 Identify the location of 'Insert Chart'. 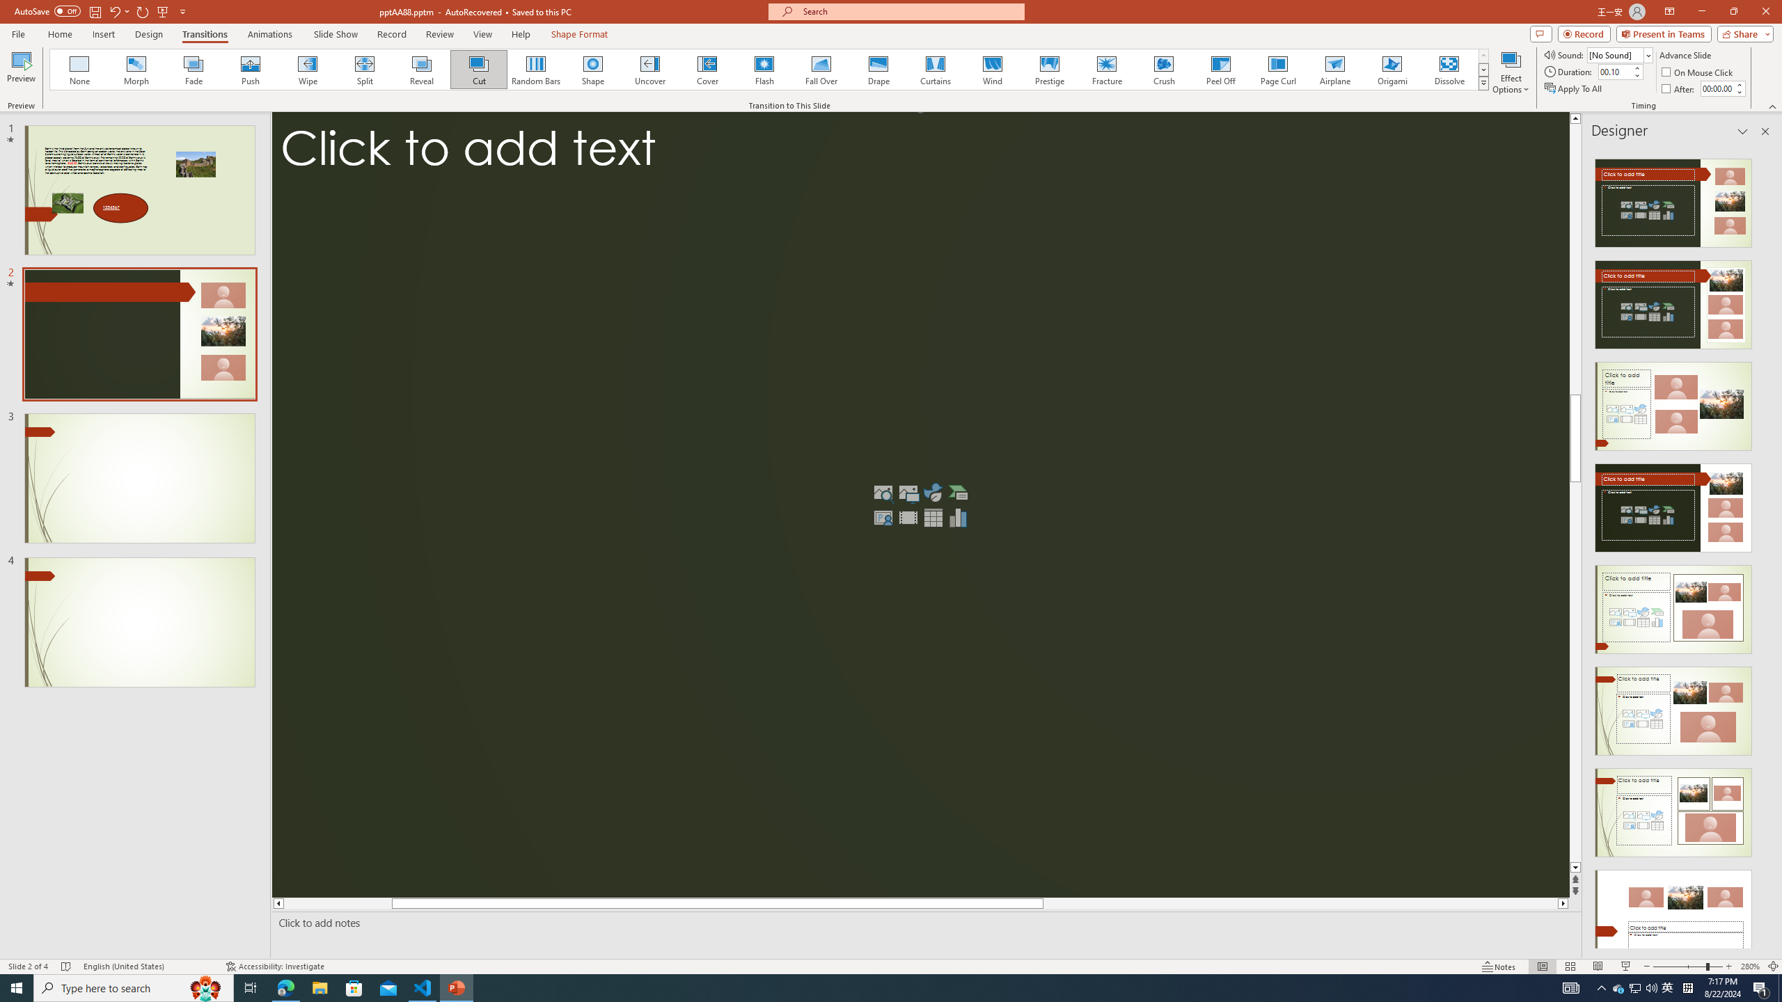
(959, 517).